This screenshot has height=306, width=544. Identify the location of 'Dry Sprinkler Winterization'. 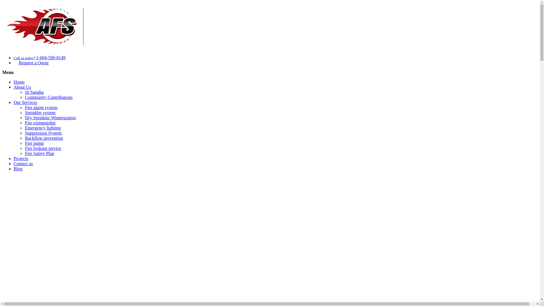
(50, 117).